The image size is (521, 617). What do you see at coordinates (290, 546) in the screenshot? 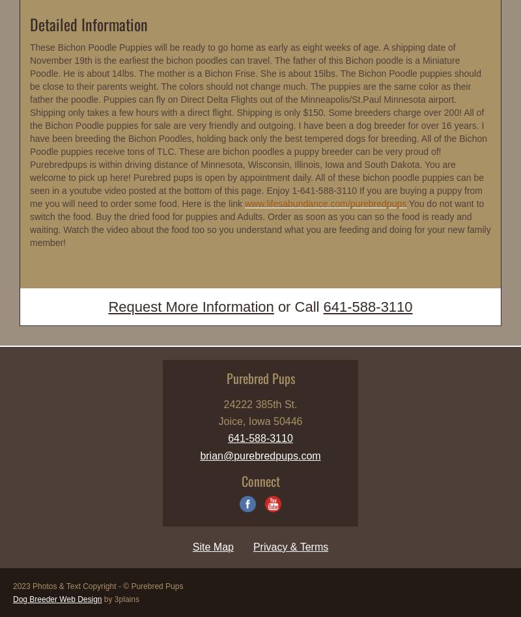
I see `'Privacy & Terms'` at bounding box center [290, 546].